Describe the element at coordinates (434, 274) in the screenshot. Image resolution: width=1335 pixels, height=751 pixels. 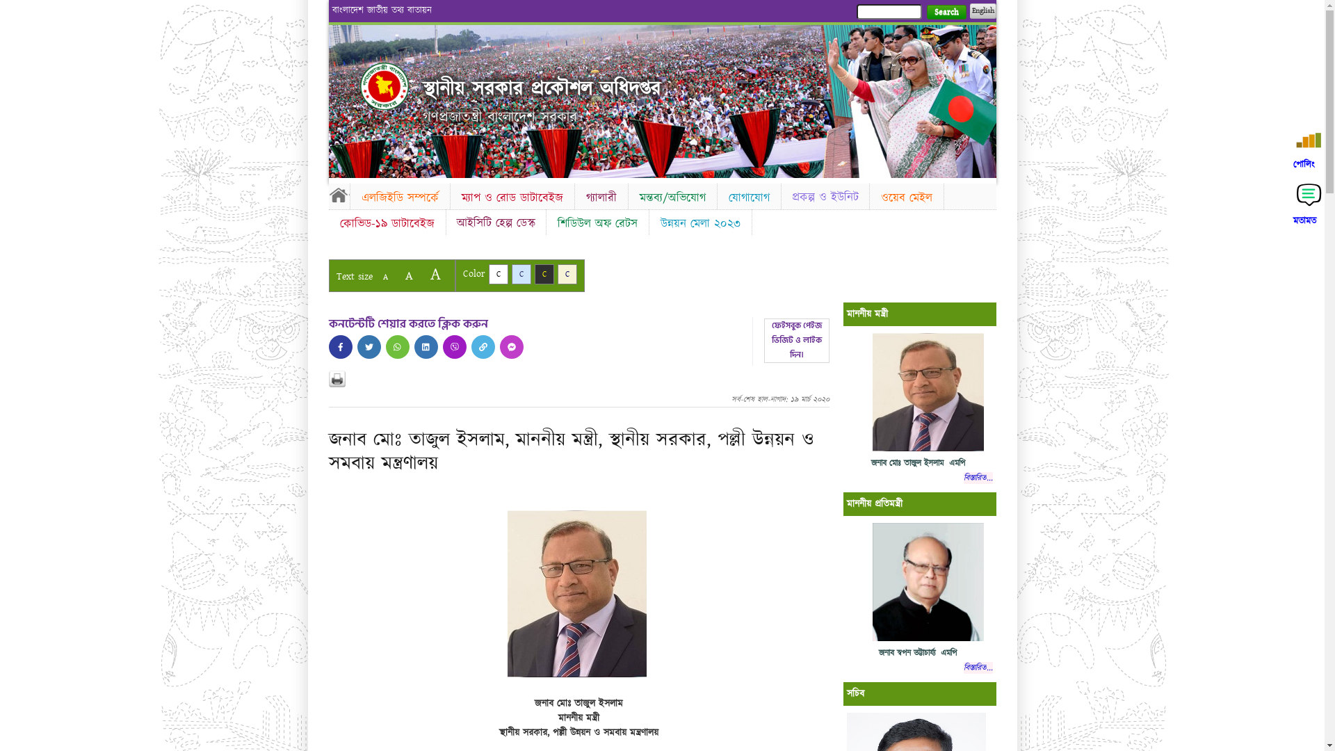
I see `'A'` at that location.